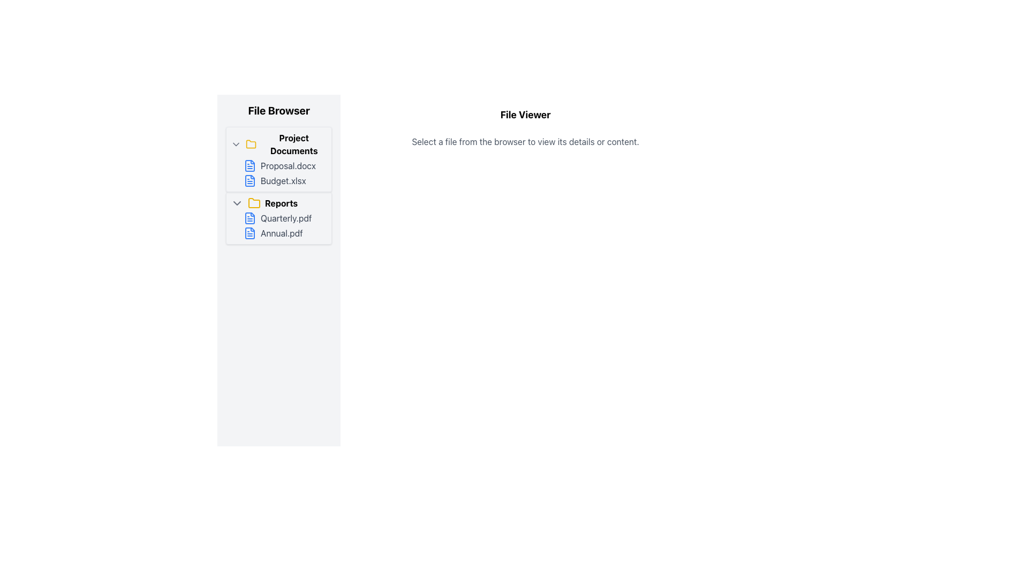  Describe the element at coordinates (281, 203) in the screenshot. I see `the bold text label displaying 'Reports'` at that location.